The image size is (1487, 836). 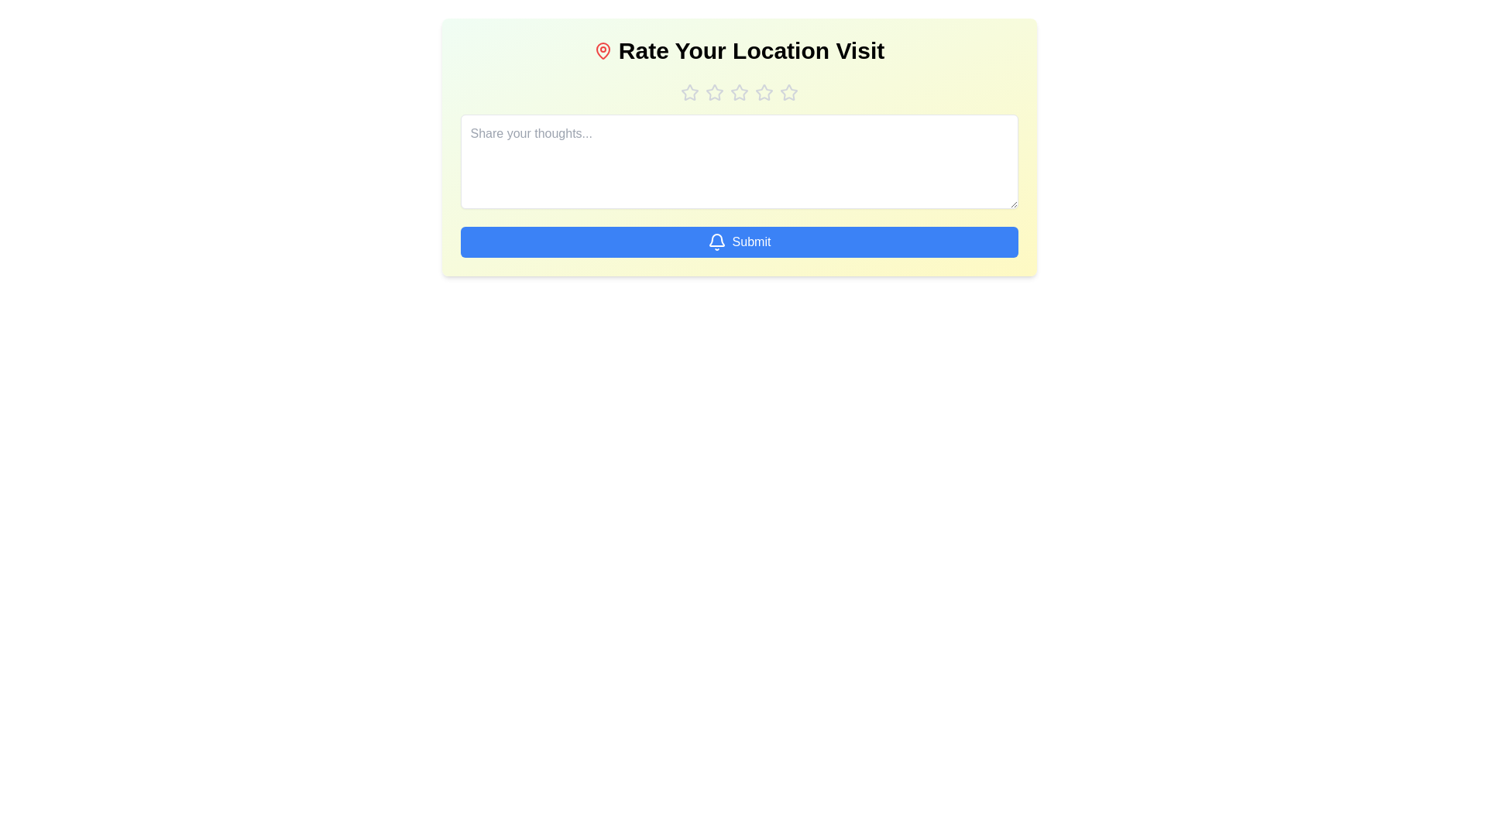 What do you see at coordinates (738, 92) in the screenshot?
I see `the star corresponding to 3 to preview the rating effect` at bounding box center [738, 92].